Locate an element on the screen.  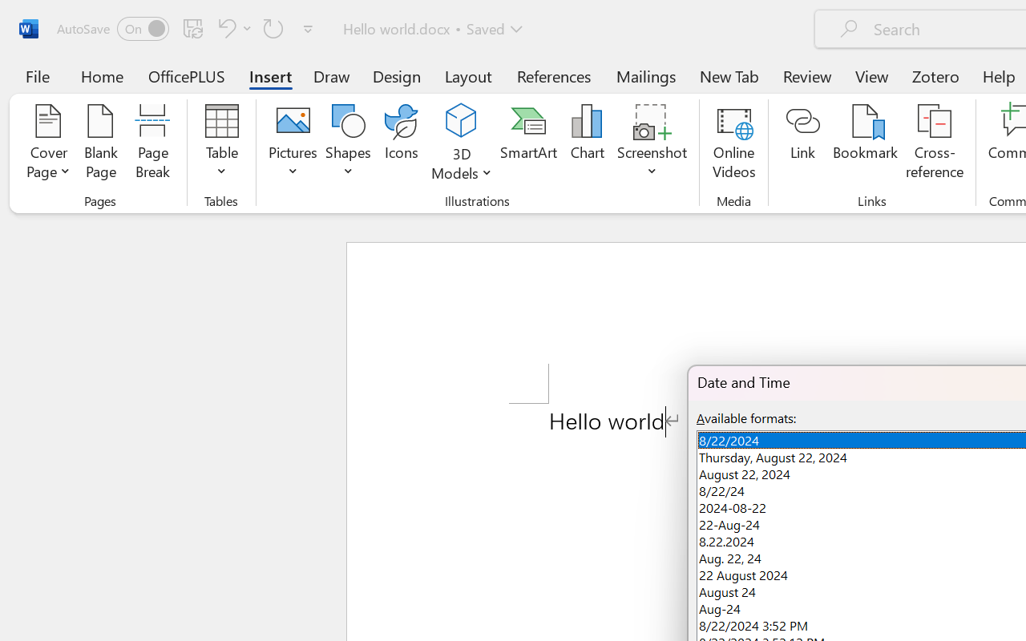
'New Tab' is located at coordinates (729, 75).